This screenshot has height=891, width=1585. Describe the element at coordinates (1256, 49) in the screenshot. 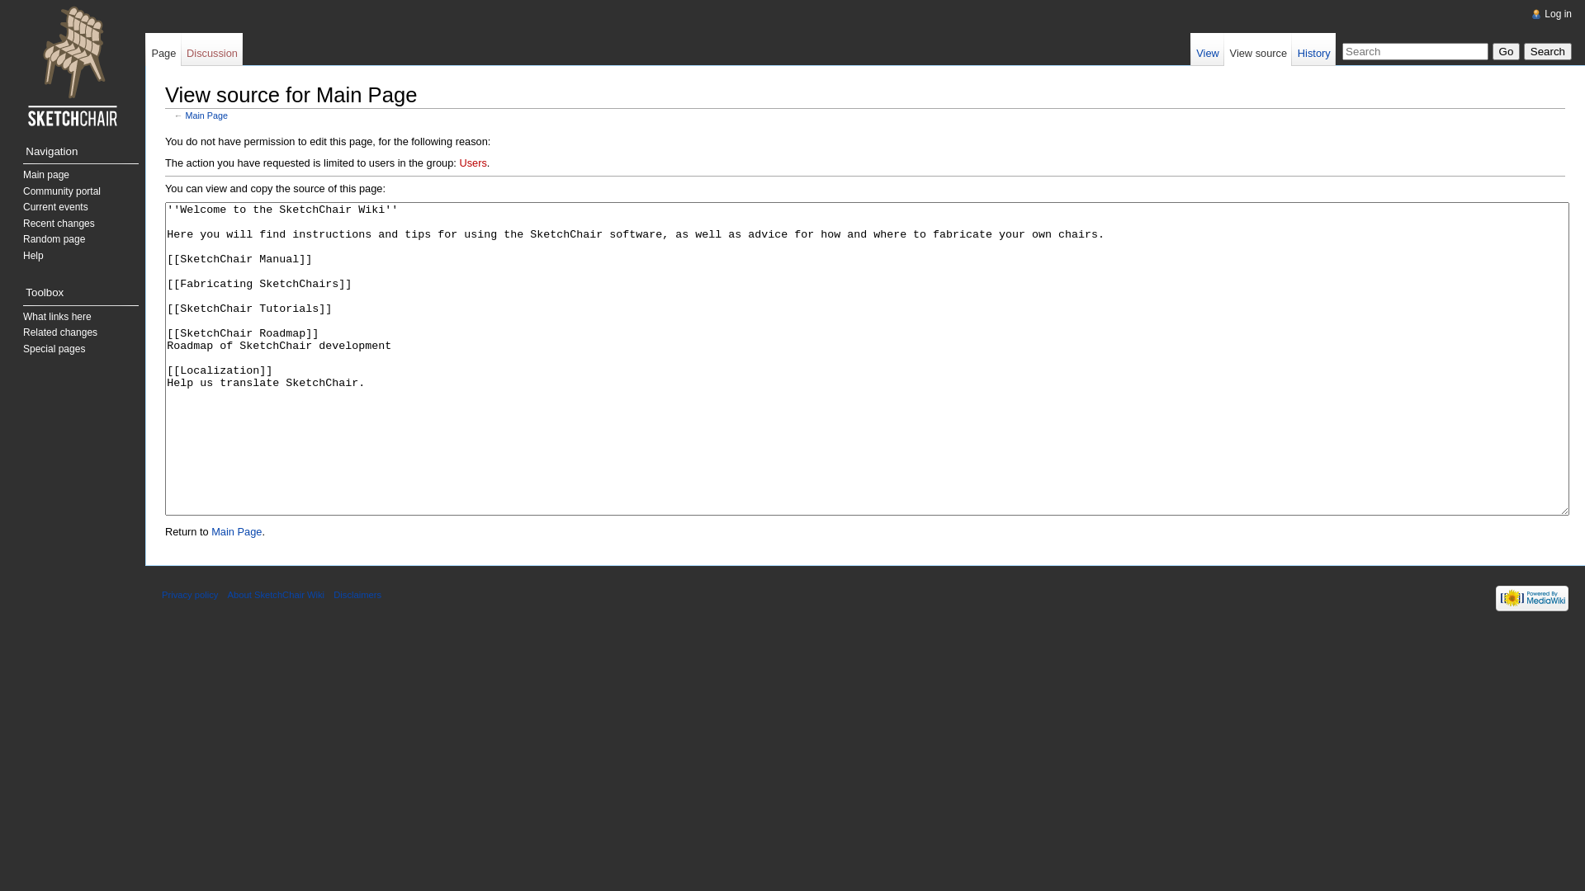

I see `'View source'` at that location.